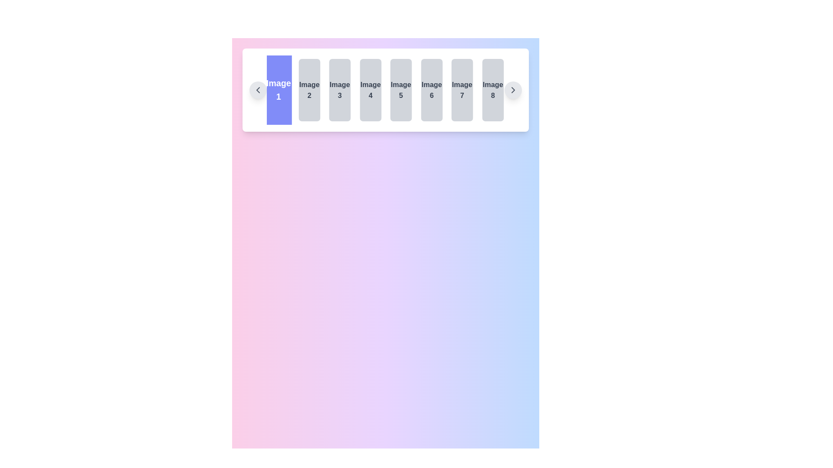  I want to click on the rectangular card with a blue background labeled 'Image 1' in white text at the center, so click(279, 90).